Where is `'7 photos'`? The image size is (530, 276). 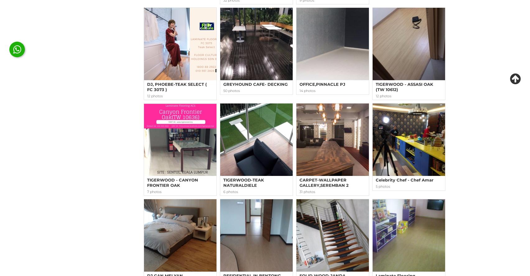
'7 photos' is located at coordinates (154, 191).